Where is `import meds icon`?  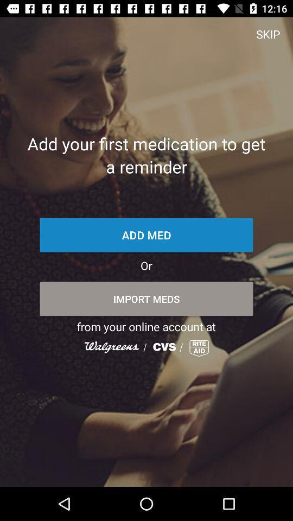 import meds icon is located at coordinates (146, 298).